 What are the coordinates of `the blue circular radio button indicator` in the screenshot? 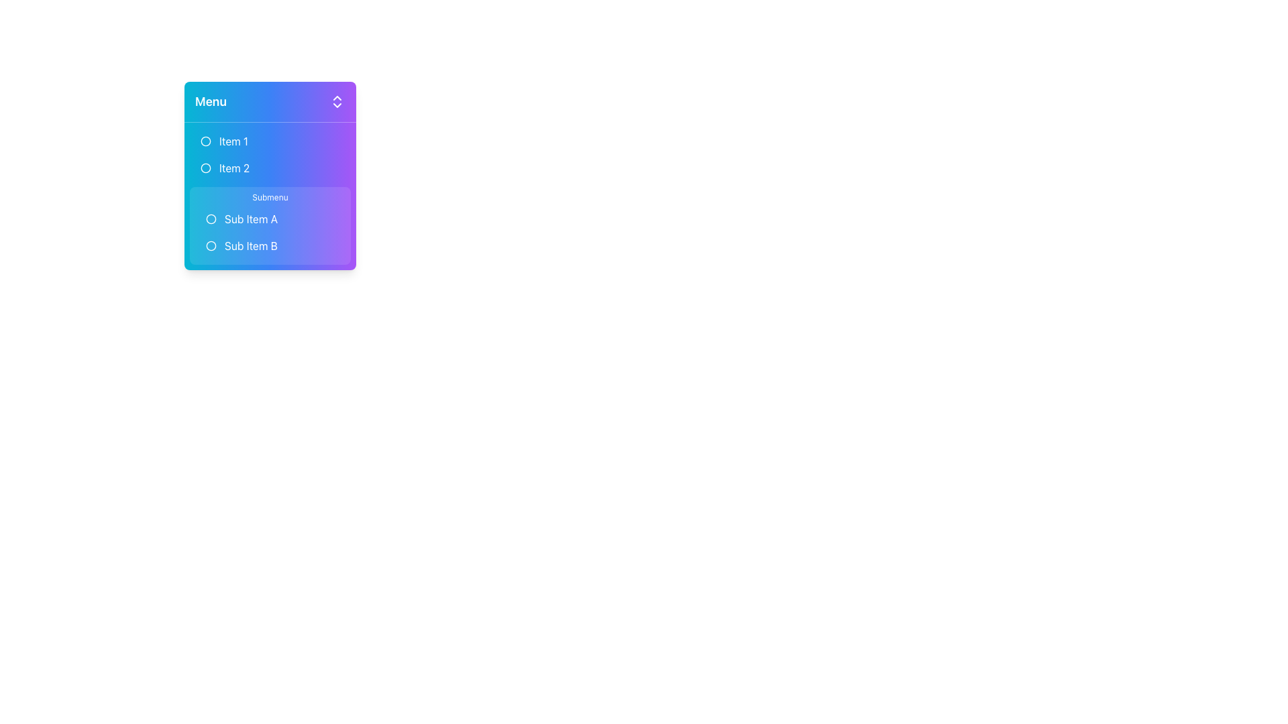 It's located at (211, 245).